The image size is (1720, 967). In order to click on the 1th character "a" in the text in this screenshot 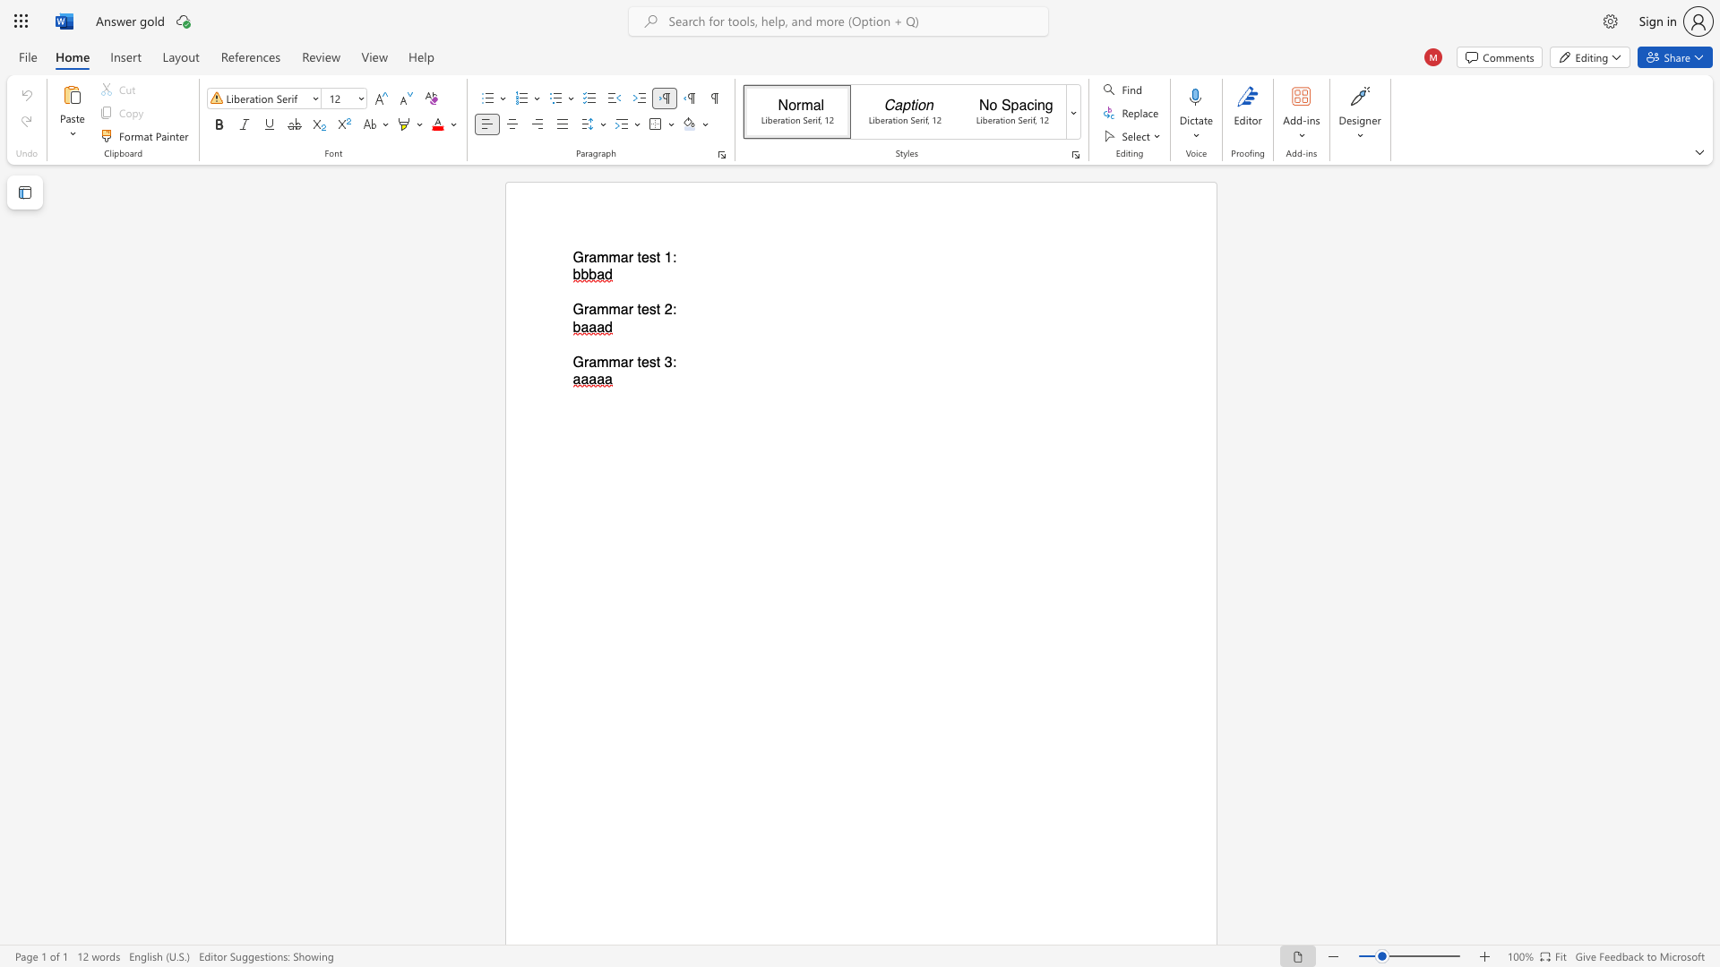, I will do `click(592, 258)`.